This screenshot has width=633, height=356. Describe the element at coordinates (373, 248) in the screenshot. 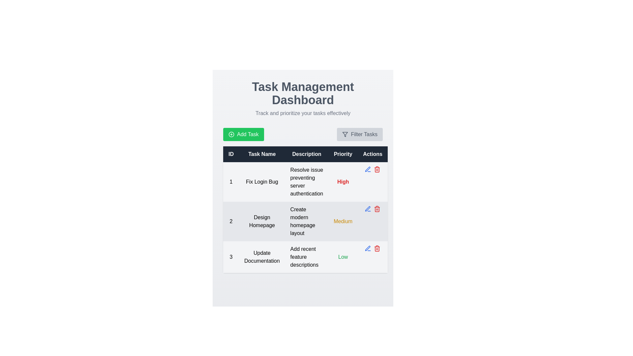

I see `the trash bin icon in the 'Actions' column of the 'Update Documentation' row` at that location.